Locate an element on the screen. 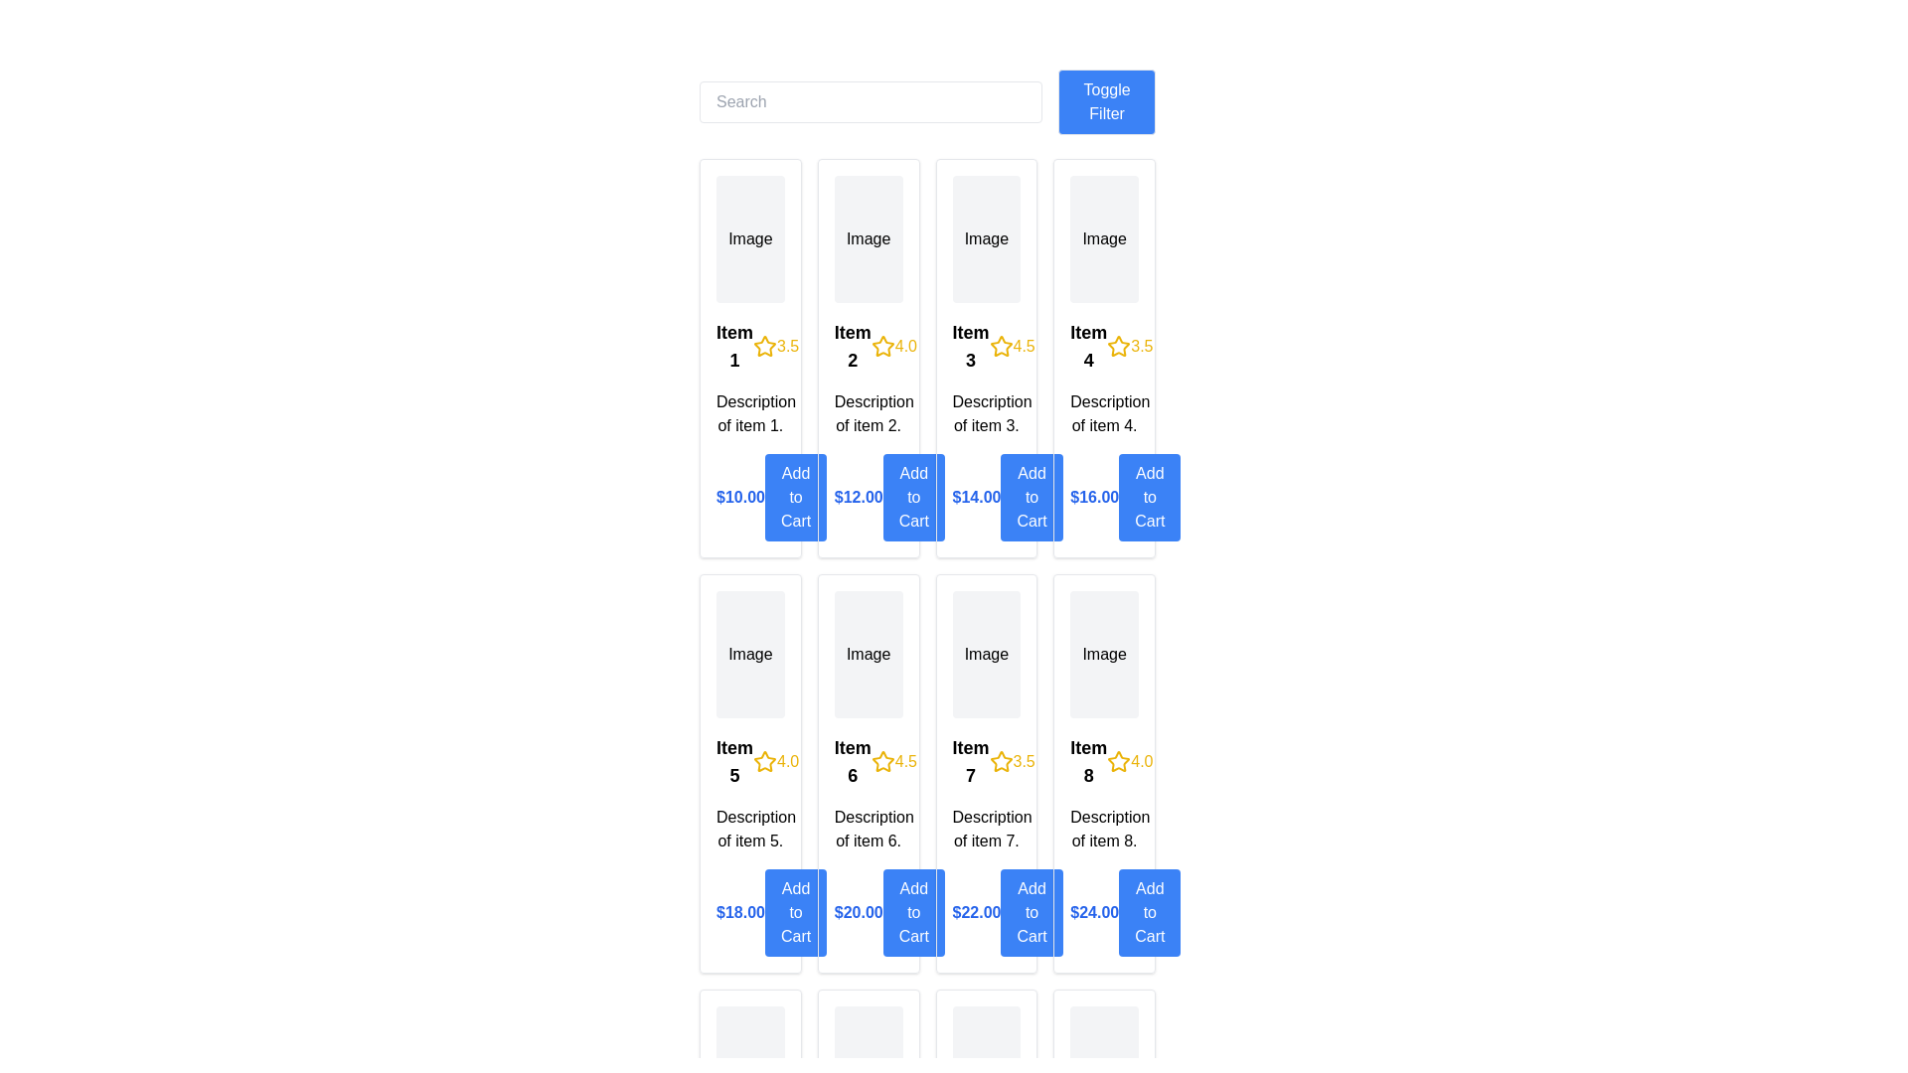  the display text element that shows 'Item 4' with a yellow star icon and a rating value of '3.5', which is styled in bold and located in the fourth card of the grid layout is located at coordinates (1103, 345).